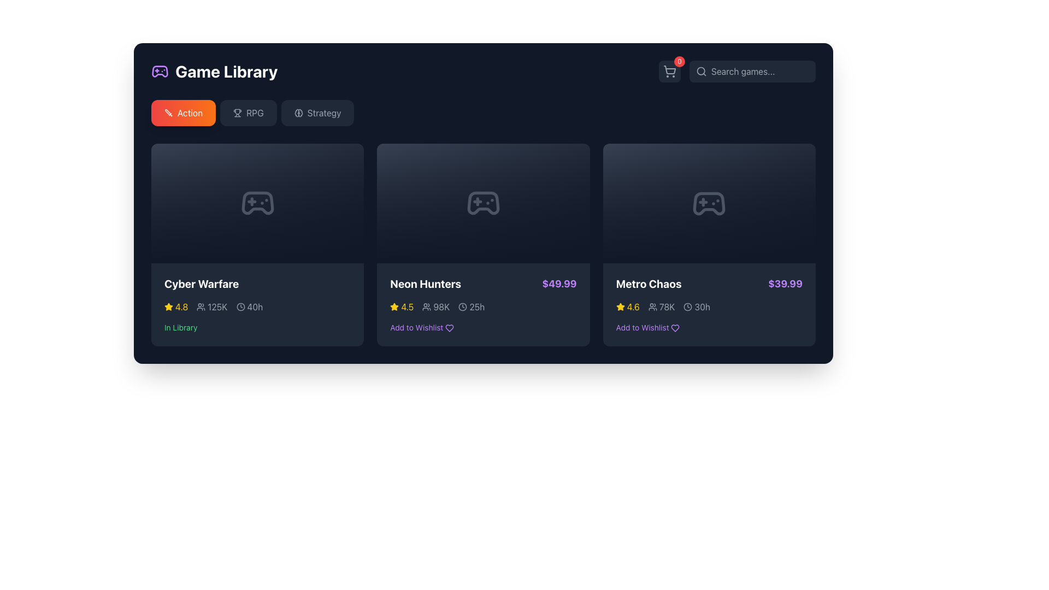 Image resolution: width=1049 pixels, height=590 pixels. I want to click on the associated information for the playtime duration icon of the 'Neon Hunters' game, which is located to the left of the text '25h' in the bottom-right section of the card layout, so click(463, 307).